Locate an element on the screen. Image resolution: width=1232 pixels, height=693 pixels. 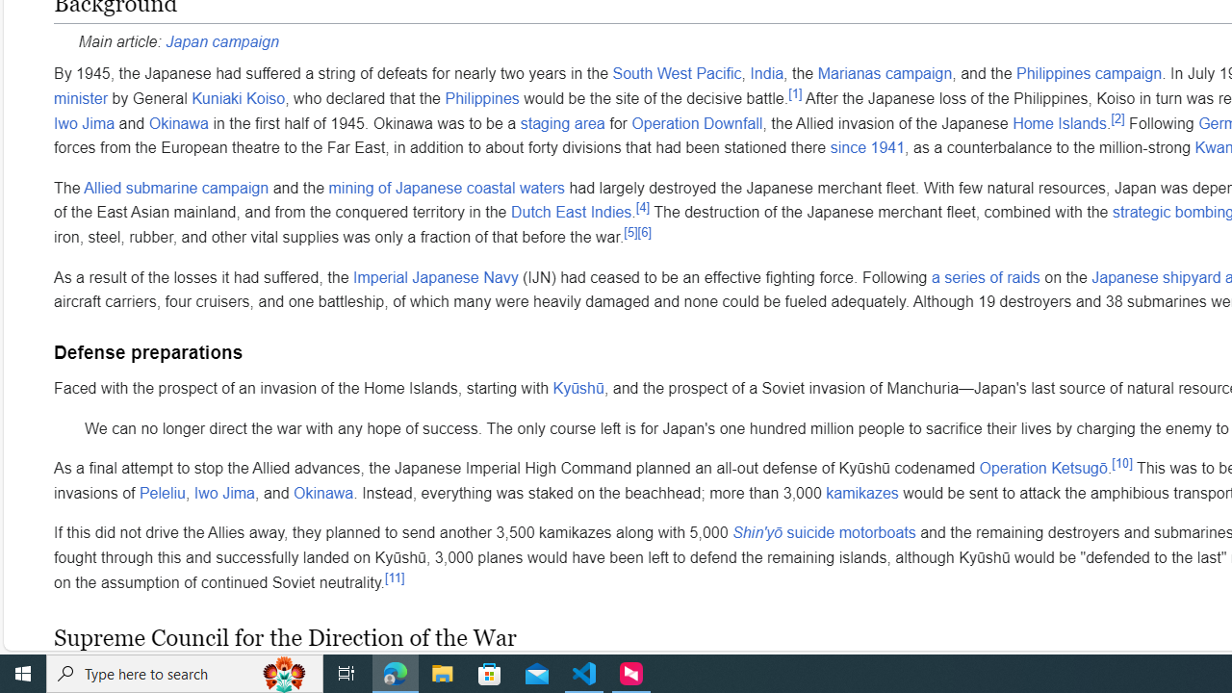
'Okinawa' is located at coordinates (323, 492).